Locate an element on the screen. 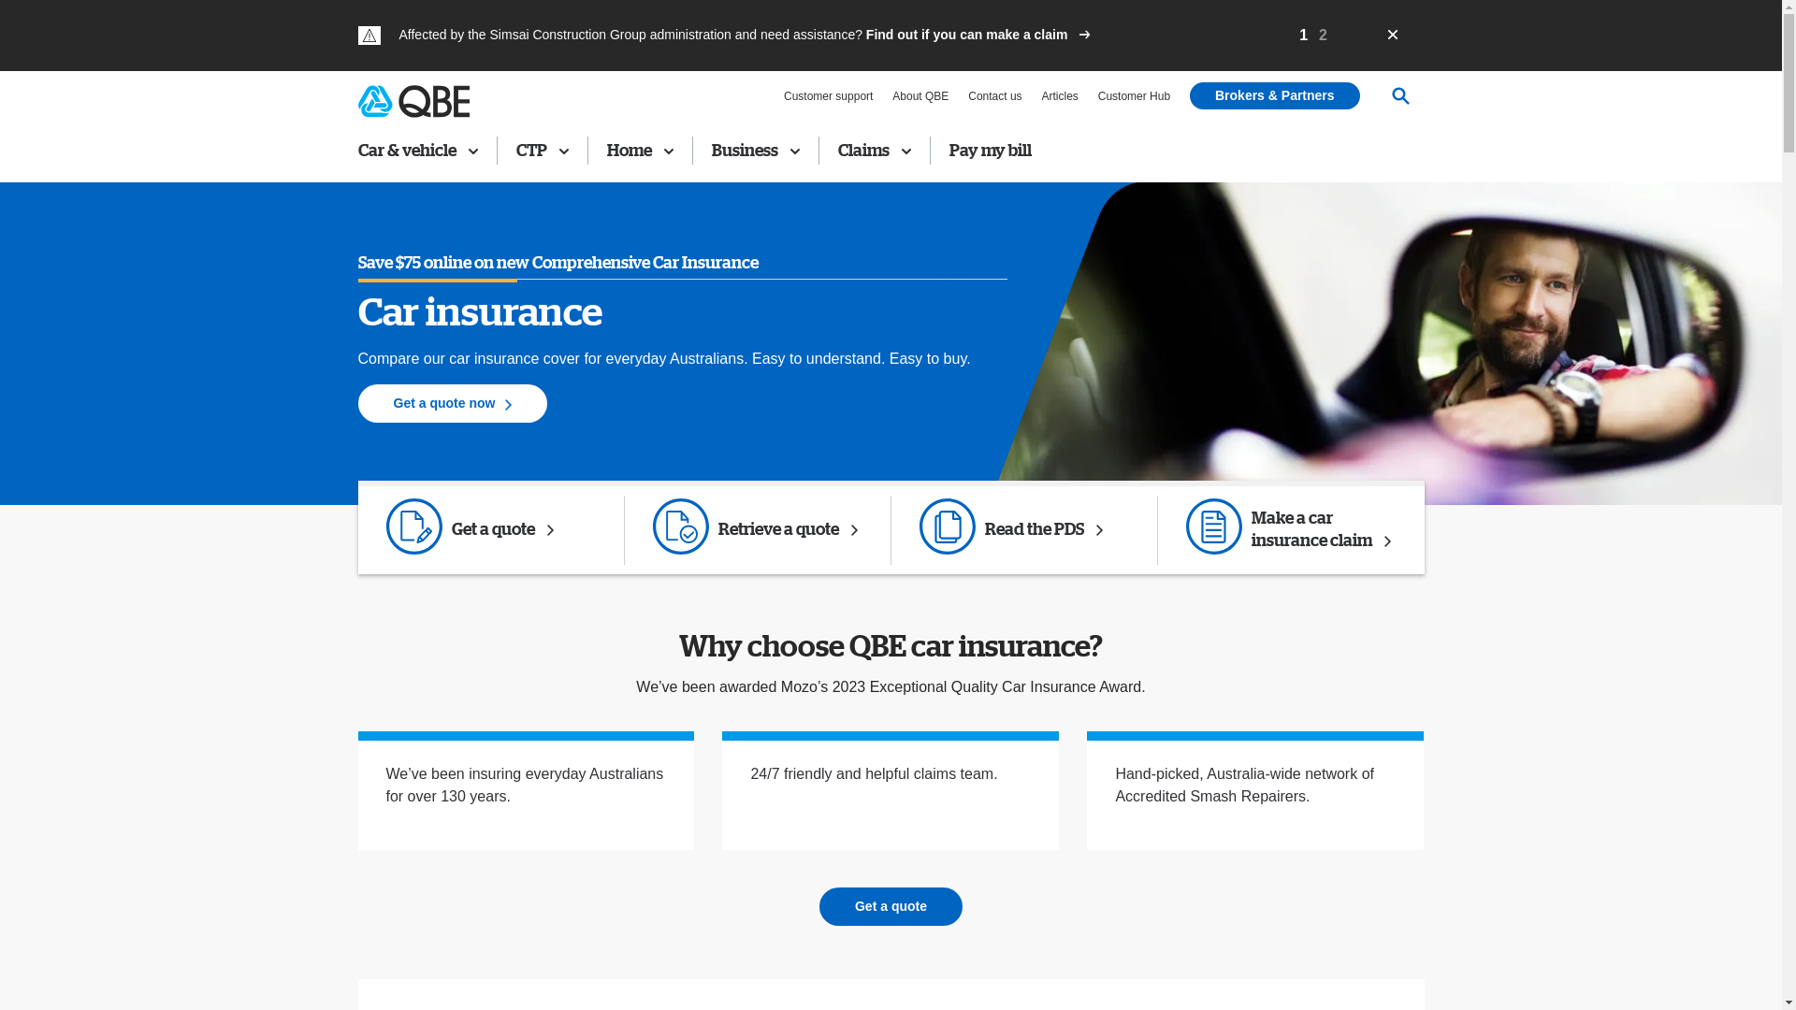  'QBE Insurance' is located at coordinates (412, 101).